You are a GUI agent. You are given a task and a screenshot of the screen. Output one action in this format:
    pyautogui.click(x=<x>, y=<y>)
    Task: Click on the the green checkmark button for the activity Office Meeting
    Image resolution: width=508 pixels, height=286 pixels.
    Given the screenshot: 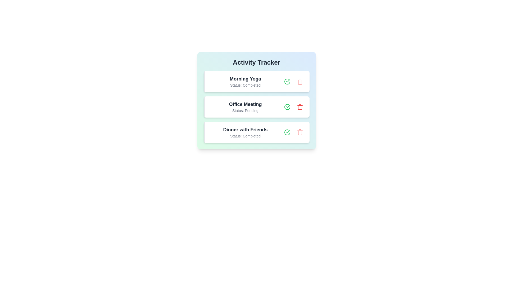 What is the action you would take?
    pyautogui.click(x=287, y=107)
    